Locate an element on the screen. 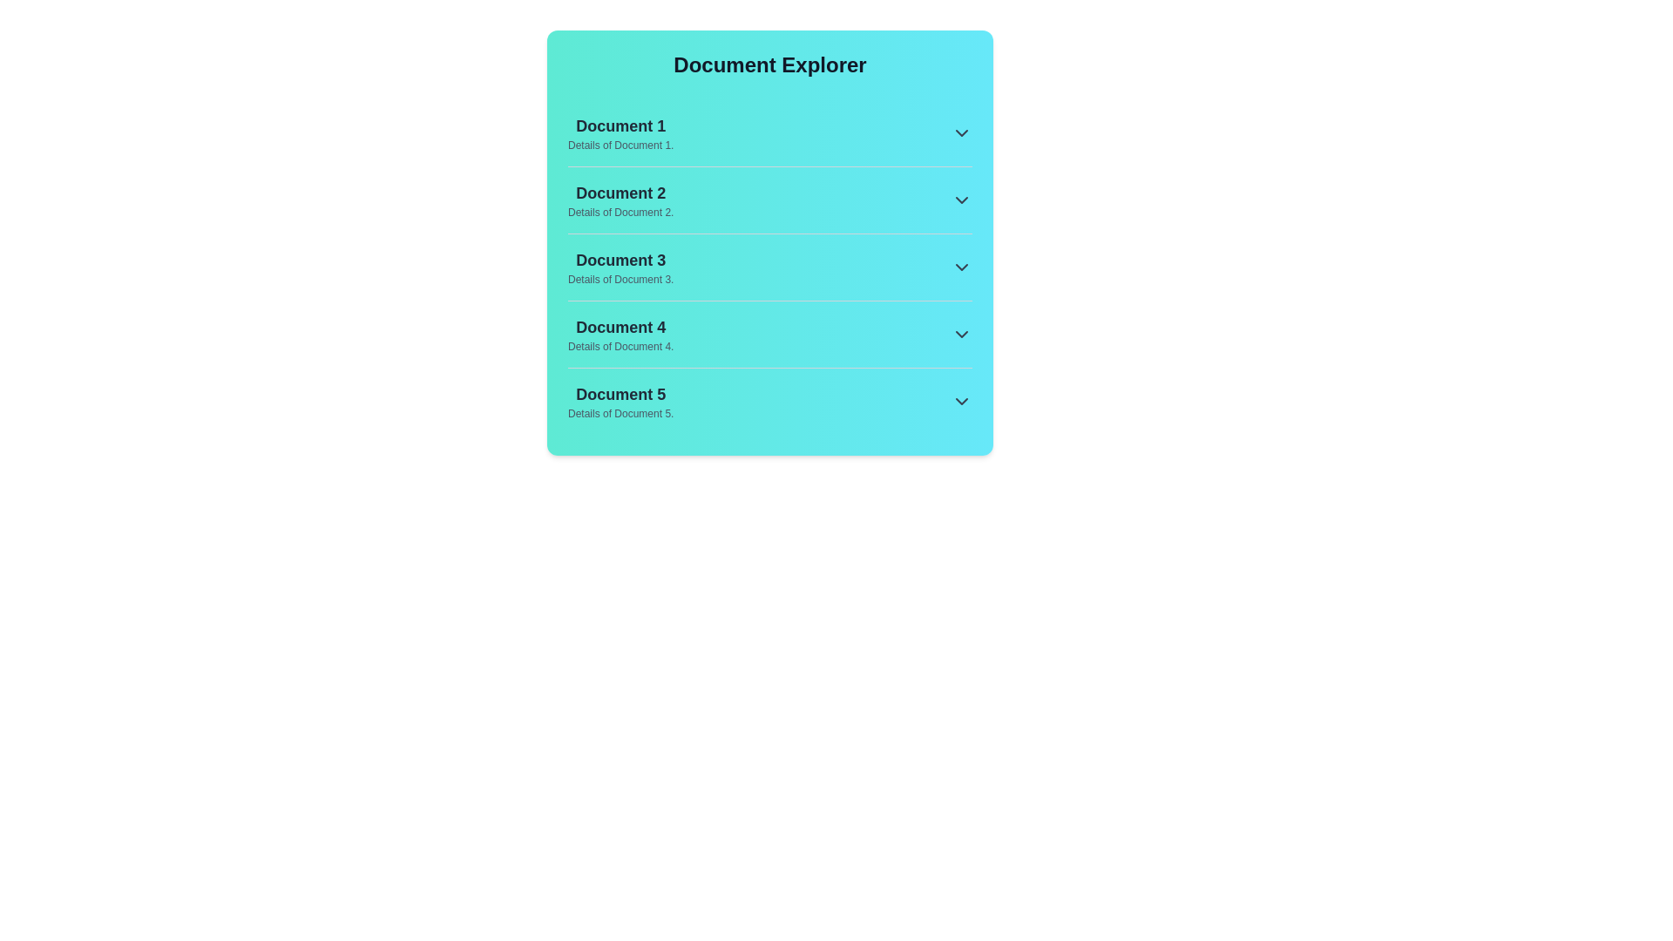 This screenshot has width=1673, height=941. the title and description of document 2 is located at coordinates (620, 193).